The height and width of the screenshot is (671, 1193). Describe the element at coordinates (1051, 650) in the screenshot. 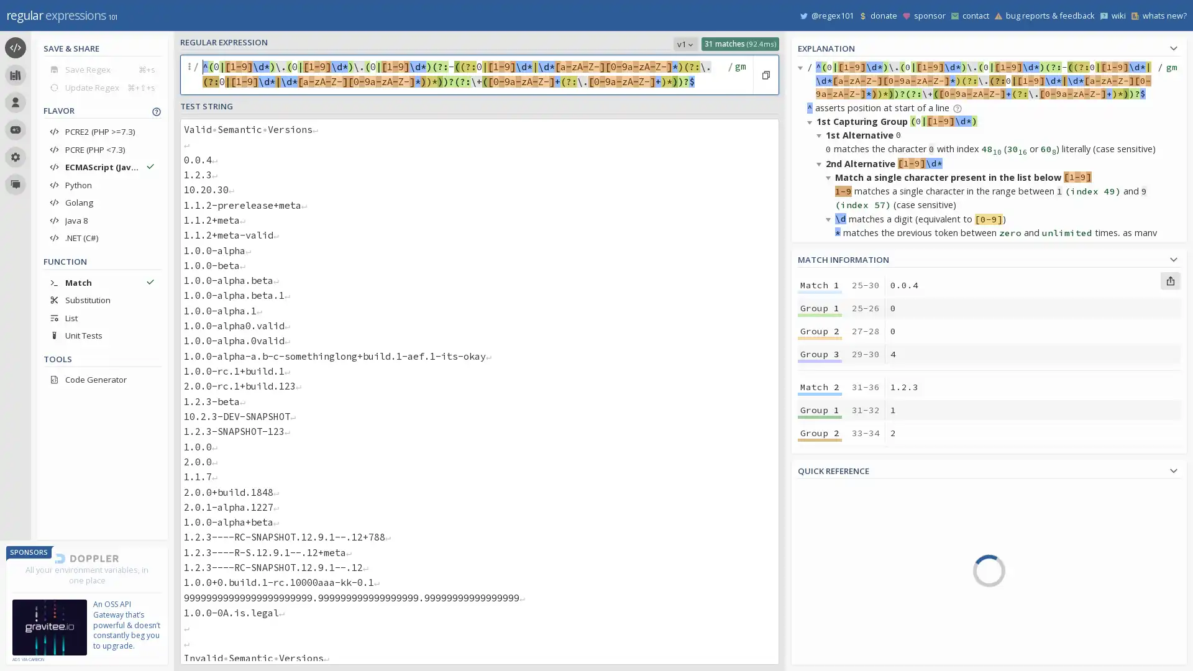

I see `Any digit \d` at that location.